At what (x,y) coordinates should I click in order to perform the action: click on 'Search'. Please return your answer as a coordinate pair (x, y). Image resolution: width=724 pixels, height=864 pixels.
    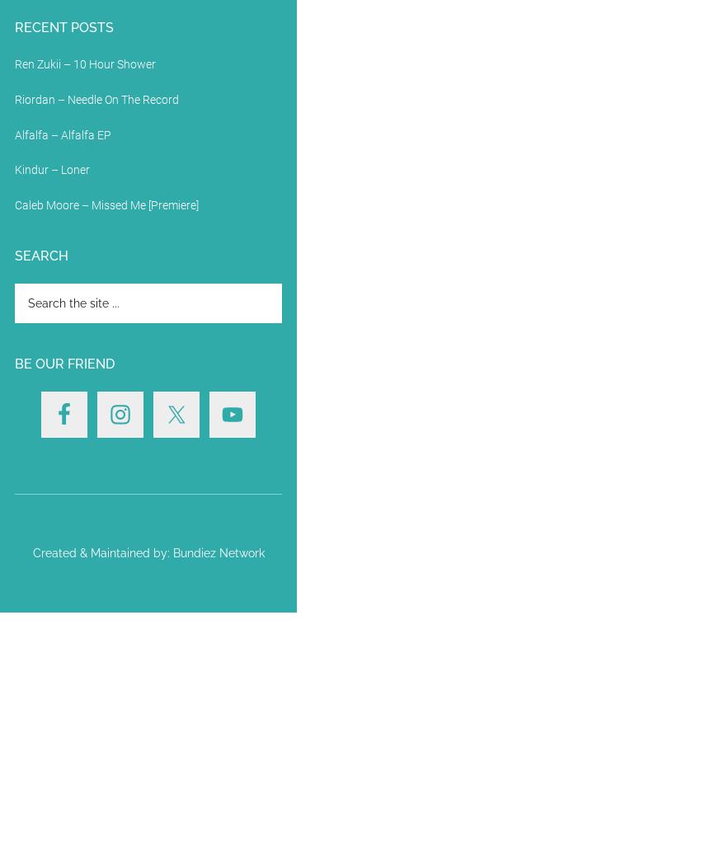
    Looking at the image, I should click on (13, 255).